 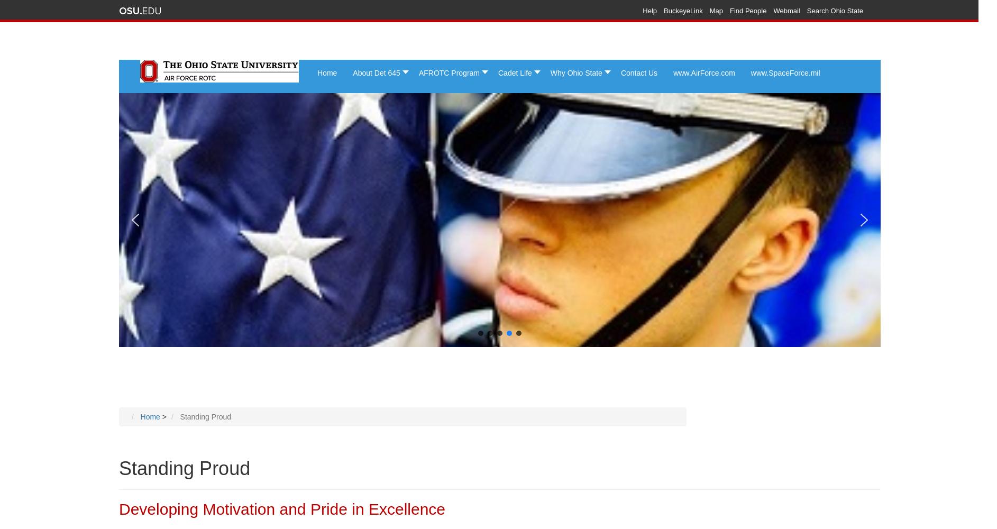 I want to click on 'tradition_honor_excellence2.jpg', so click(x=470, y=95).